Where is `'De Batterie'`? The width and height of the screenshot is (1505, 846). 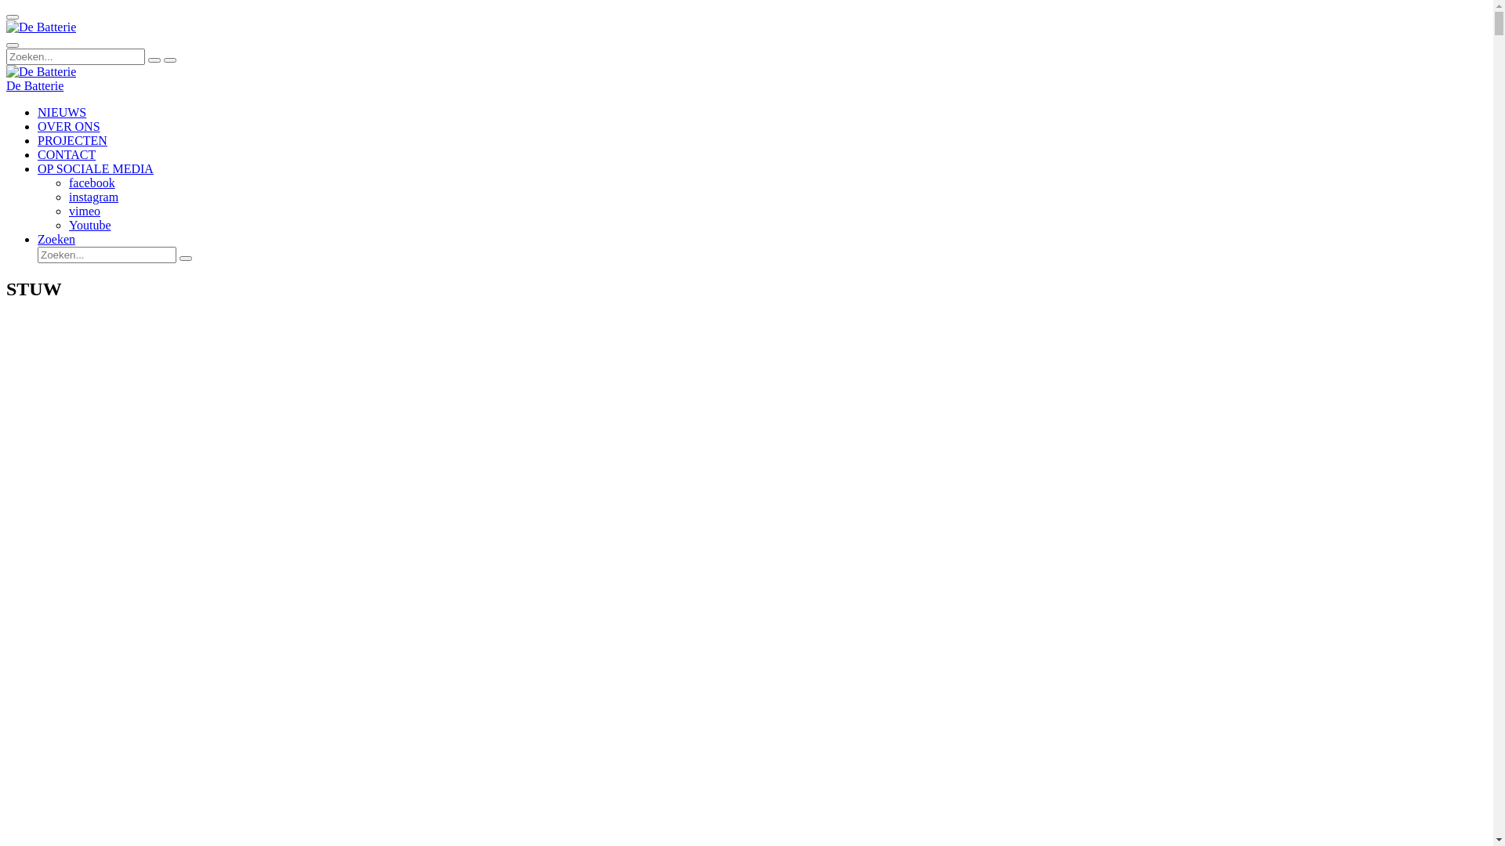
'De Batterie' is located at coordinates (41, 72).